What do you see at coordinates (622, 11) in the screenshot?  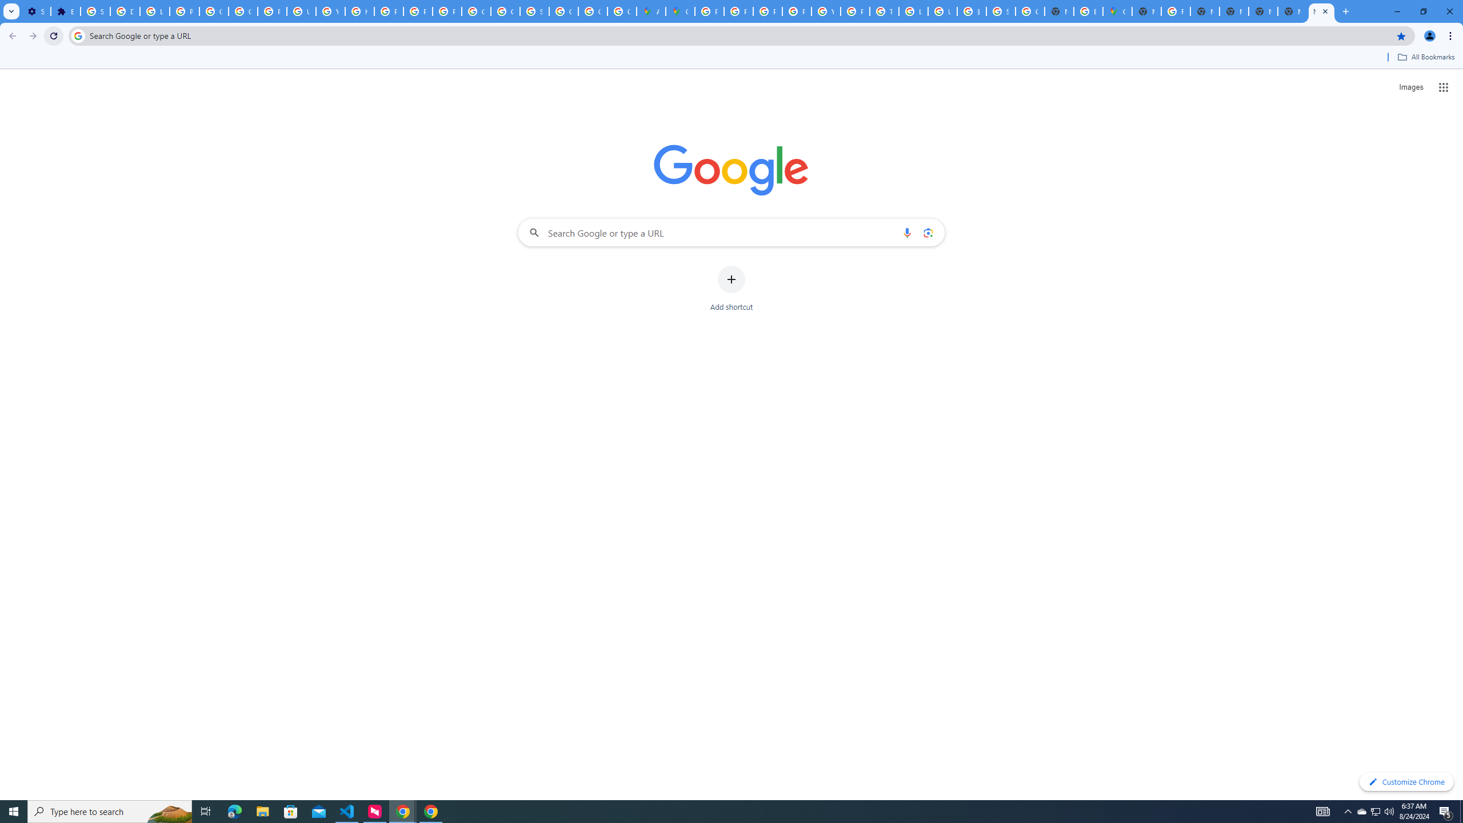 I see `'Create your Google Account'` at bounding box center [622, 11].